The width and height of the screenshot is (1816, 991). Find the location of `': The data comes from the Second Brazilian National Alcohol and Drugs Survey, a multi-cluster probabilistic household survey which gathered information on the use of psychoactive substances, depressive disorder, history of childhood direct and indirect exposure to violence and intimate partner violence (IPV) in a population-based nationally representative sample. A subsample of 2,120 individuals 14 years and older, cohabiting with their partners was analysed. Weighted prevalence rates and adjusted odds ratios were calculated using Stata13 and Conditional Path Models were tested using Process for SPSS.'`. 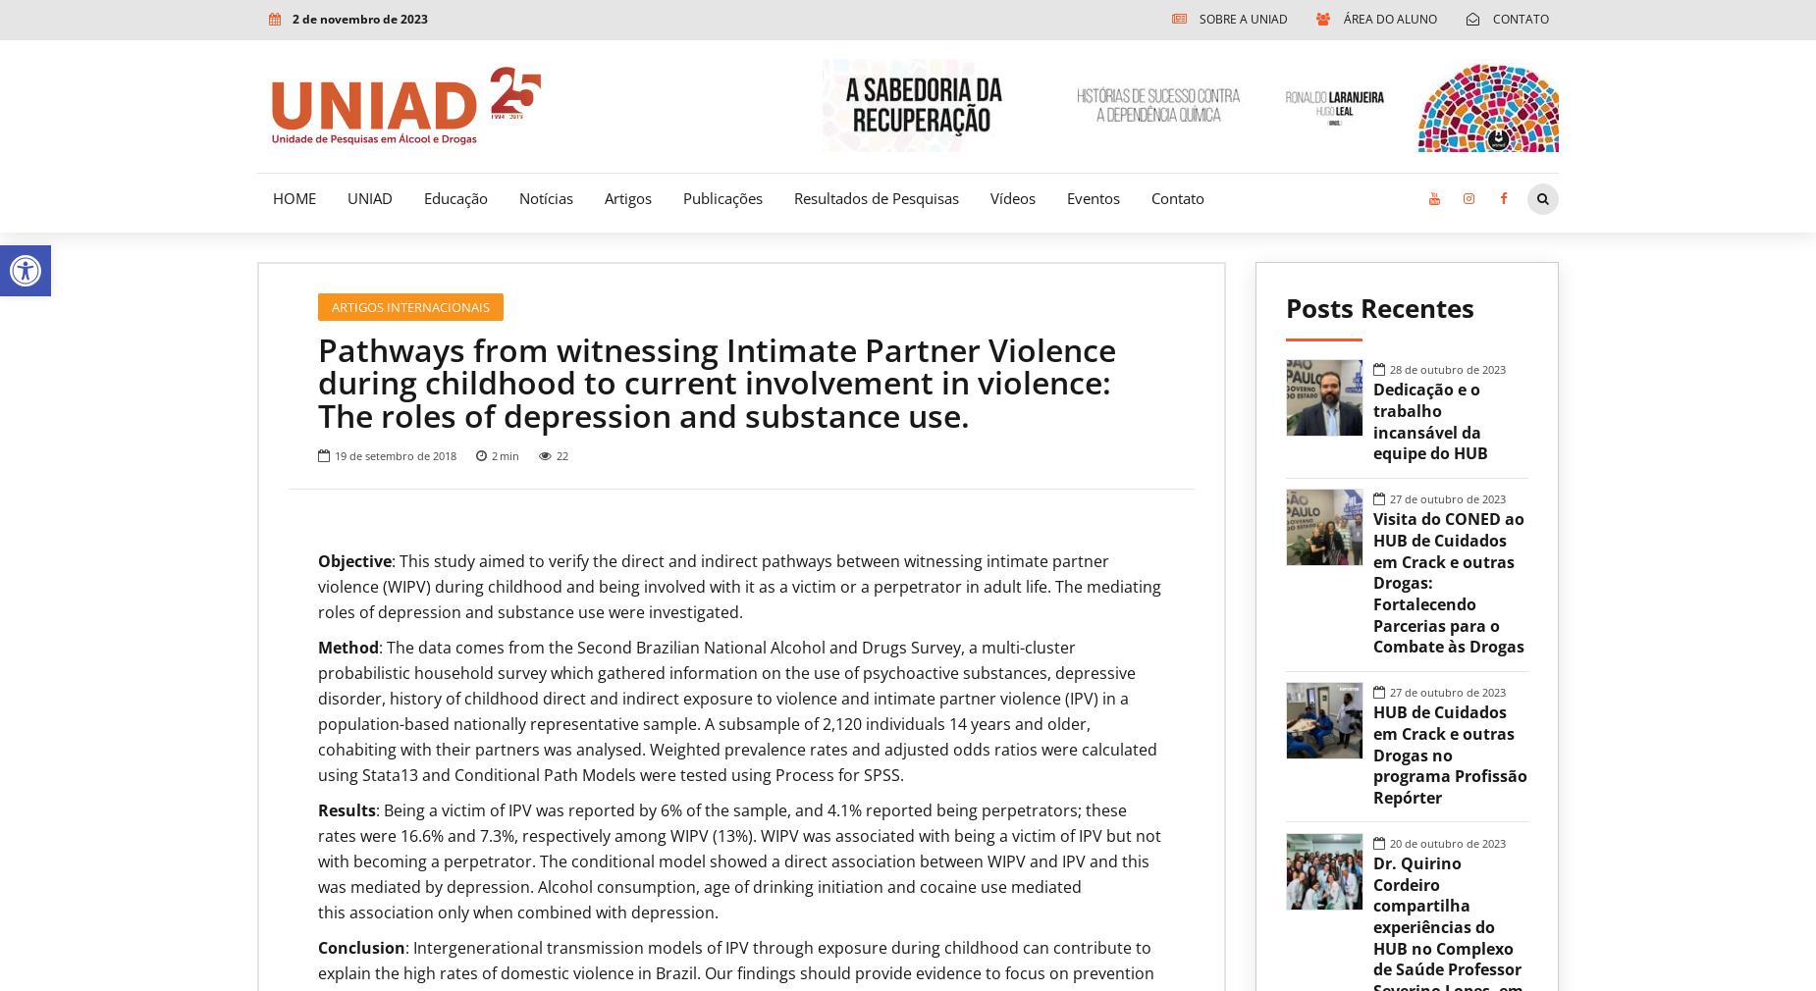

': The data comes from the Second Brazilian National Alcohol and Drugs Survey, a multi-cluster probabilistic household survey which gathered information on the use of psychoactive substances, depressive disorder, history of childhood direct and indirect exposure to violence and intimate partner violence (IPV) in a population-based nationally representative sample. A subsample of 2,120 individuals 14 years and older, cohabiting with their partners was analysed. Weighted prevalence rates and adjusted odds ratios were calculated using Stata13 and Conditional Path Models were tested using Process for SPSS.' is located at coordinates (737, 709).